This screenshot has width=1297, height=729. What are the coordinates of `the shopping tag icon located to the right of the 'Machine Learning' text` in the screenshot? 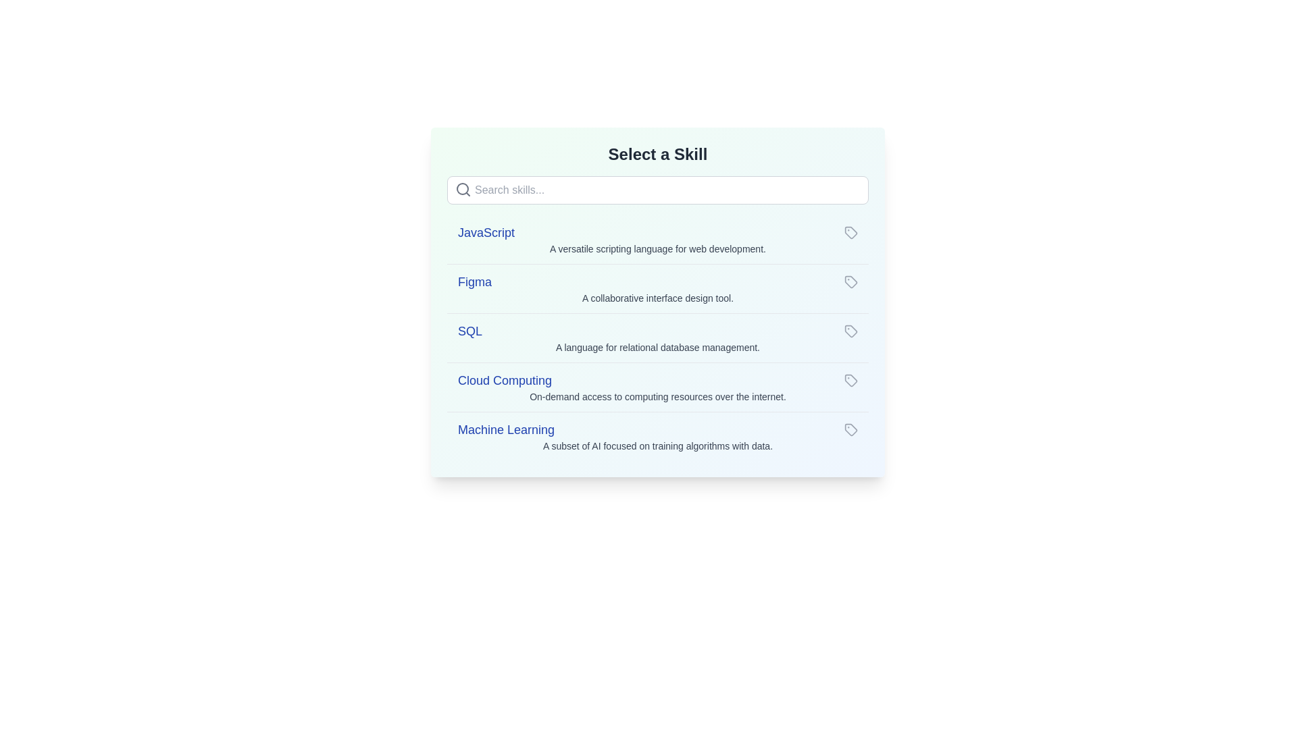 It's located at (850, 429).